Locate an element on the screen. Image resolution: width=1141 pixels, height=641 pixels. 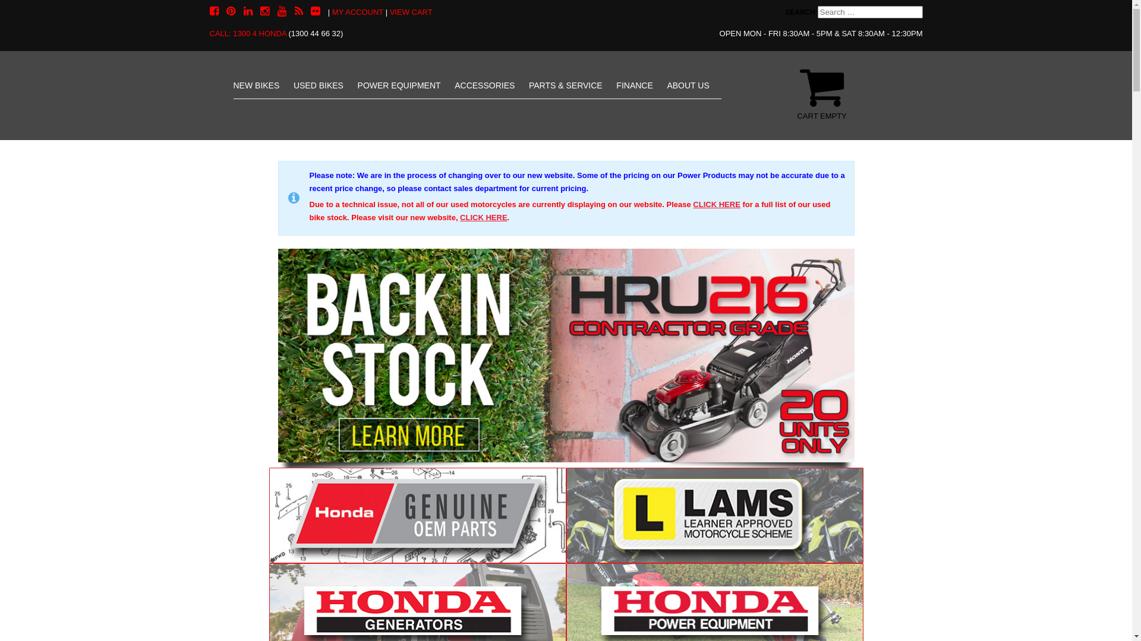
'USED BIKES' is located at coordinates (319, 84).